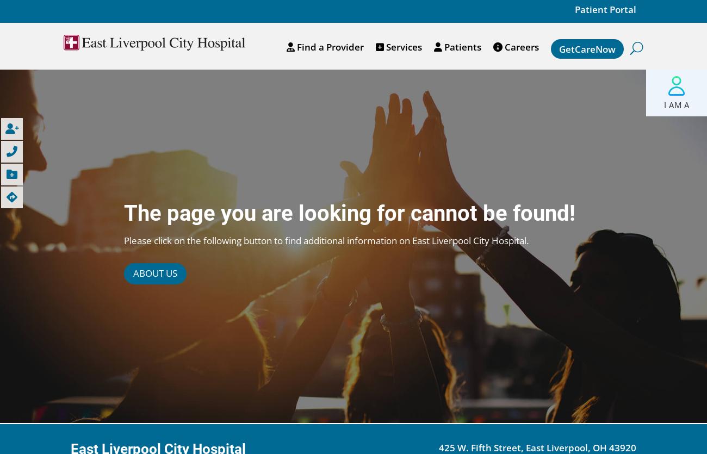 The height and width of the screenshot is (454, 707). I want to click on 'Directions', so click(34, 197).